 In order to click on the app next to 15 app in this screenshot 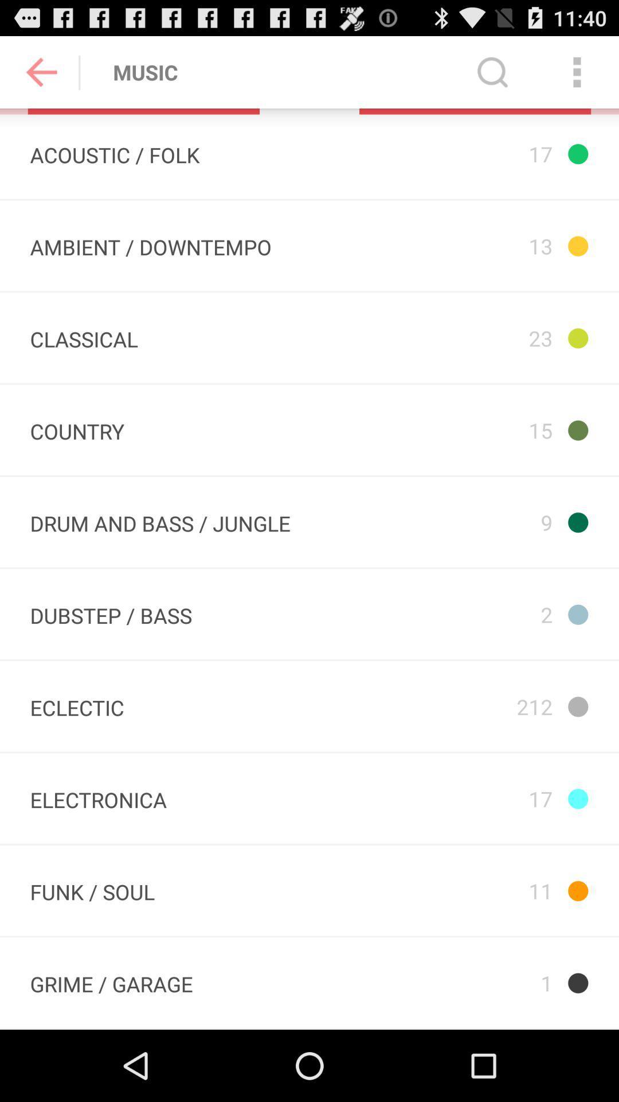, I will do `click(160, 521)`.